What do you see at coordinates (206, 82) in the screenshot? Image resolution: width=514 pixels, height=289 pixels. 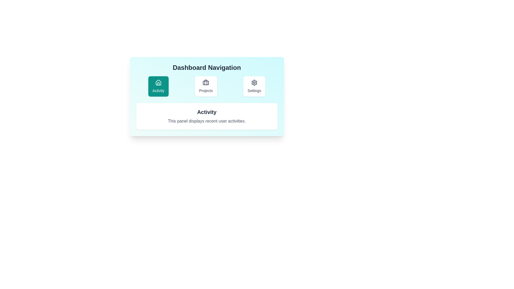 I see `the vertical line segment of the 'Projects' icon located in the center of the button group in the dashboard navigation panel` at bounding box center [206, 82].